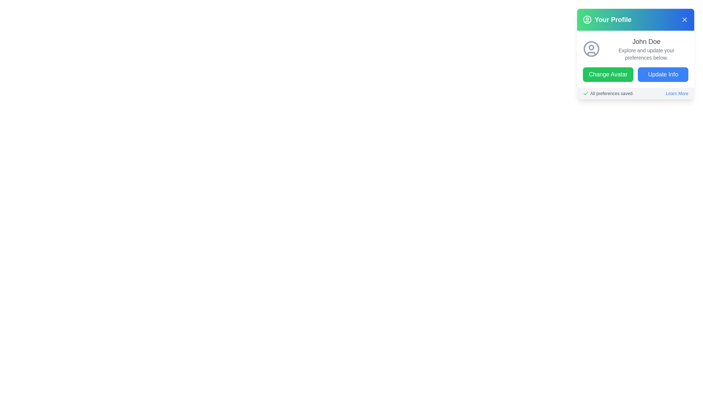 This screenshot has height=395, width=703. Describe the element at coordinates (608, 93) in the screenshot. I see `the informational message confirming user preferences have been saved, located in the bottom section of the modal with a light-gray background` at that location.